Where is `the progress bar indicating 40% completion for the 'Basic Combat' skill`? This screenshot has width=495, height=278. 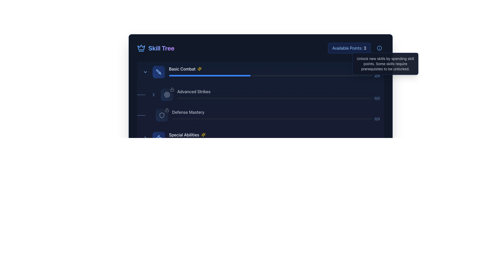
the progress bar indicating 40% completion for the 'Basic Combat' skill is located at coordinates (270, 75).